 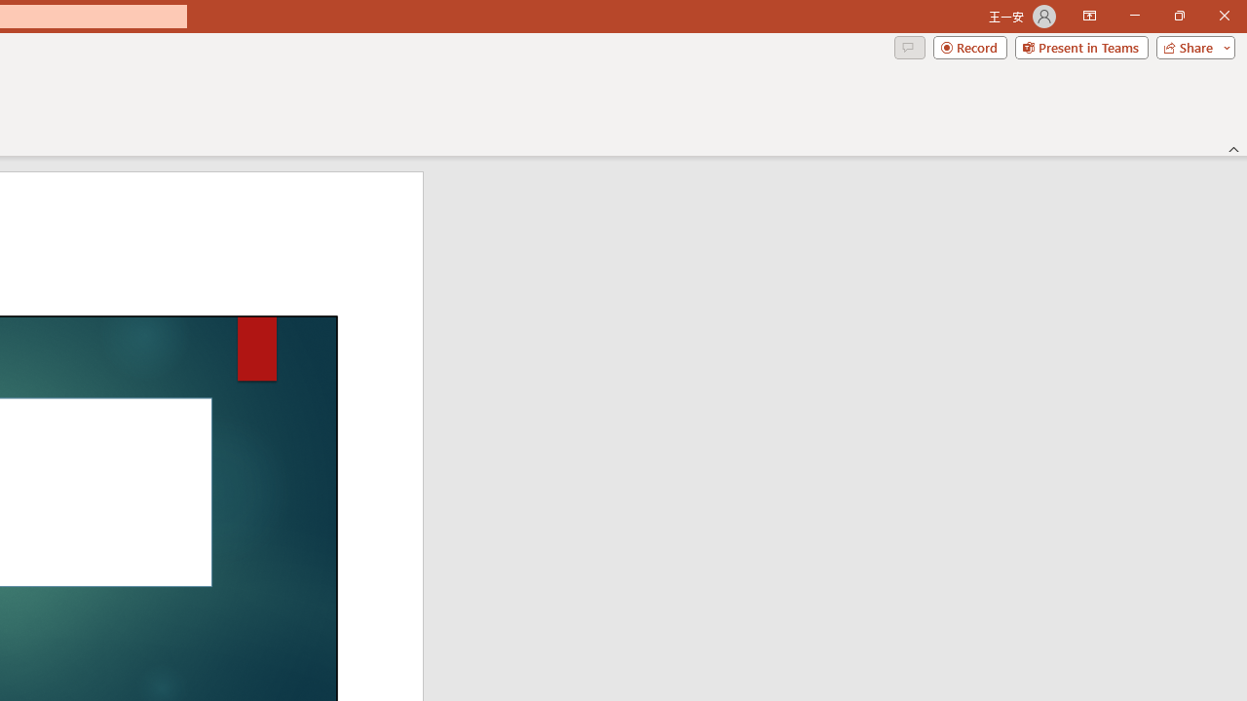 I want to click on 'Minimize', so click(x=1134, y=16).